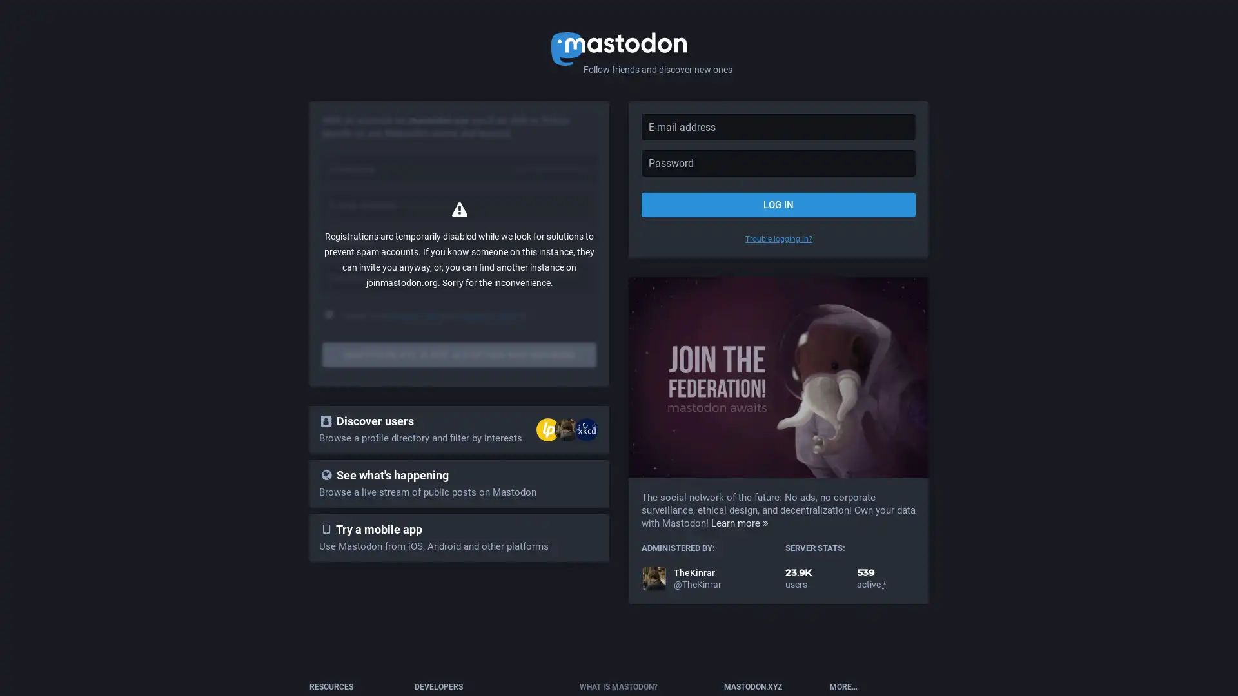 The width and height of the screenshot is (1238, 696). I want to click on MASTODON.XYZ IS NOT ACCEPTING NEW MEMBERS, so click(459, 355).